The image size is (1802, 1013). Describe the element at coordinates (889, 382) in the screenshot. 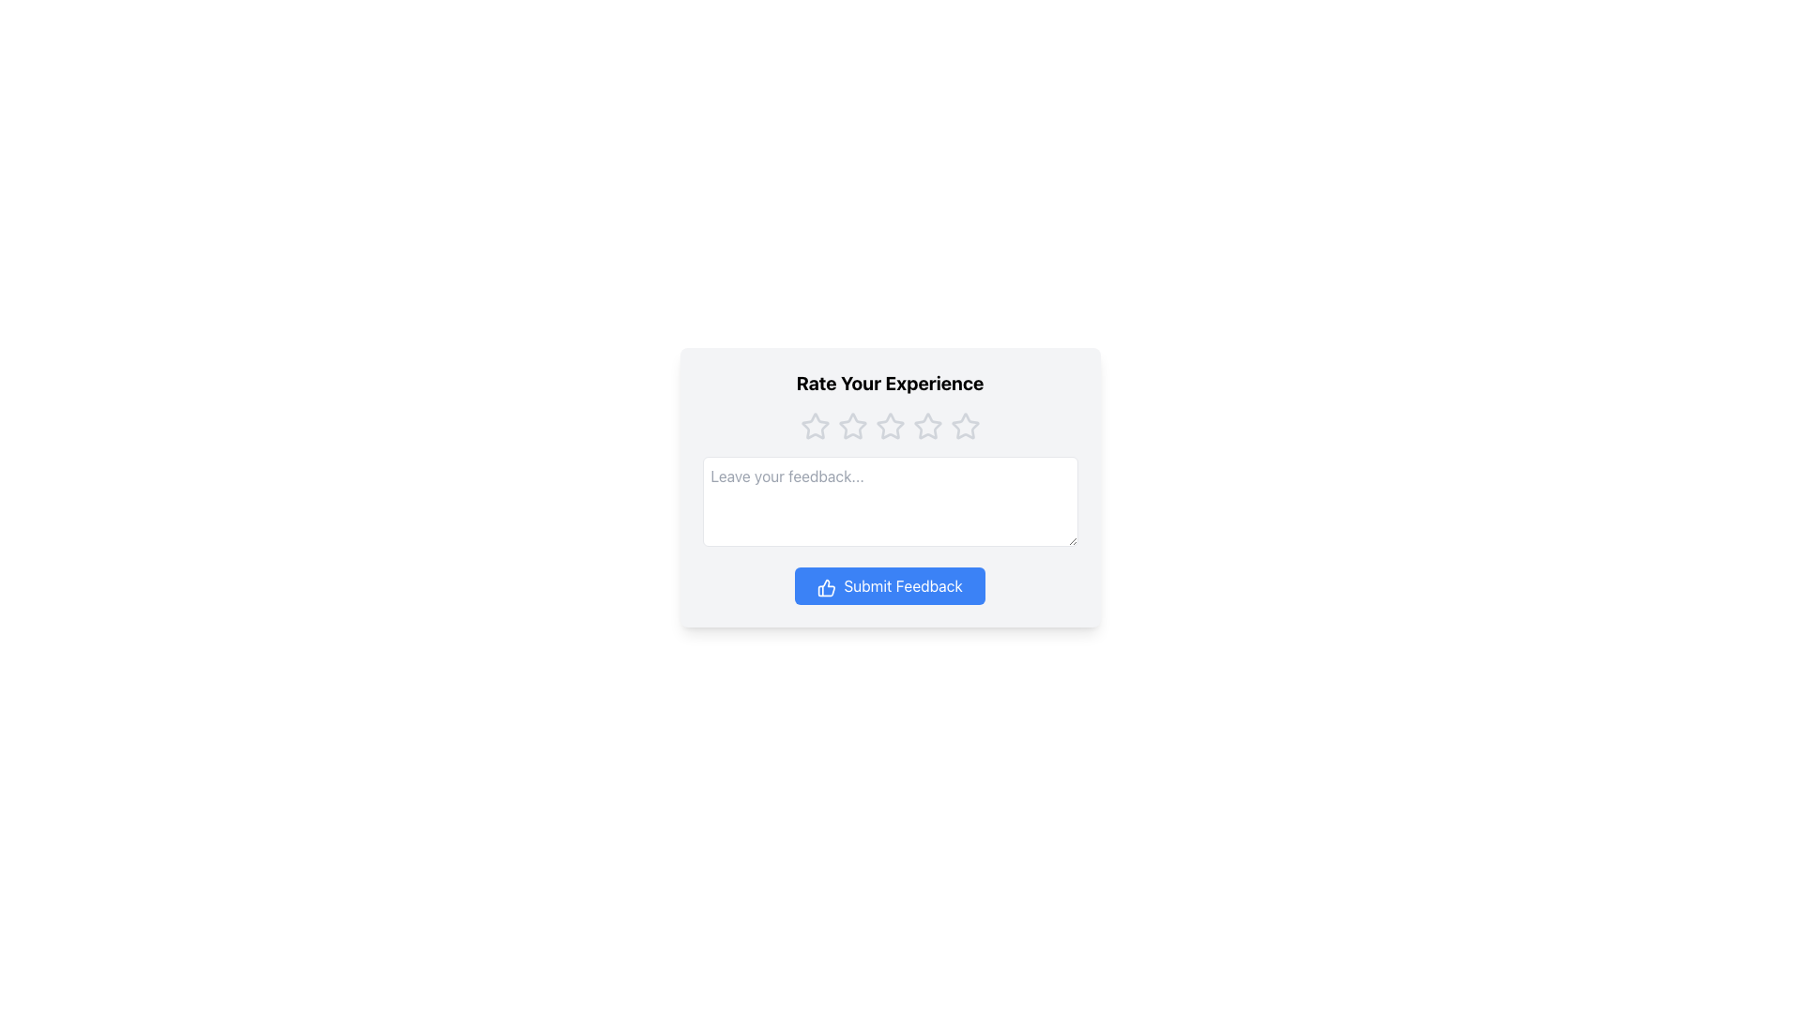

I see `the static text element that indicates a rating feature, positioned at the top of the card layout, above the row of star icons` at that location.